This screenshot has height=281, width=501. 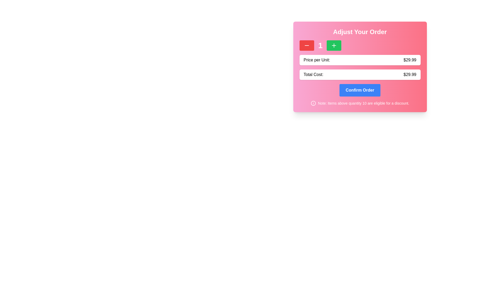 What do you see at coordinates (307, 45) in the screenshot?
I see `the button on the left side of the control panel to decrease the numeric value displayed adjacent to it, which is currently '1'` at bounding box center [307, 45].